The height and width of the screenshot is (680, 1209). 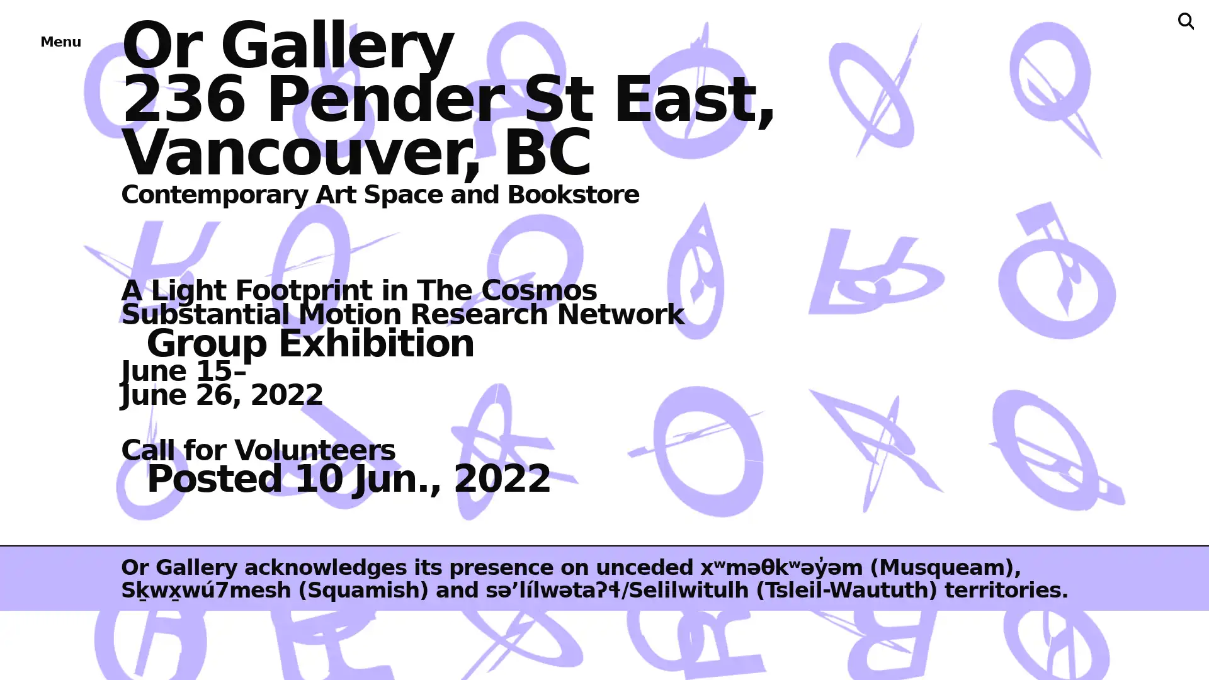 What do you see at coordinates (733, 262) in the screenshot?
I see `Subscribe` at bounding box center [733, 262].